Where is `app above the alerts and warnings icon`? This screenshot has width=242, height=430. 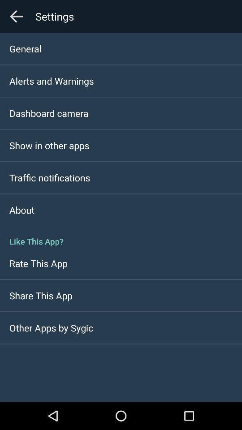
app above the alerts and warnings icon is located at coordinates (25, 48).